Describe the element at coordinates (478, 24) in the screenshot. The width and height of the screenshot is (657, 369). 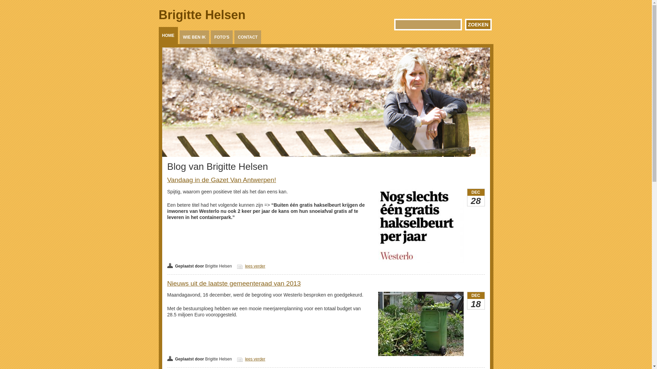
I see `'Zoeken'` at that location.